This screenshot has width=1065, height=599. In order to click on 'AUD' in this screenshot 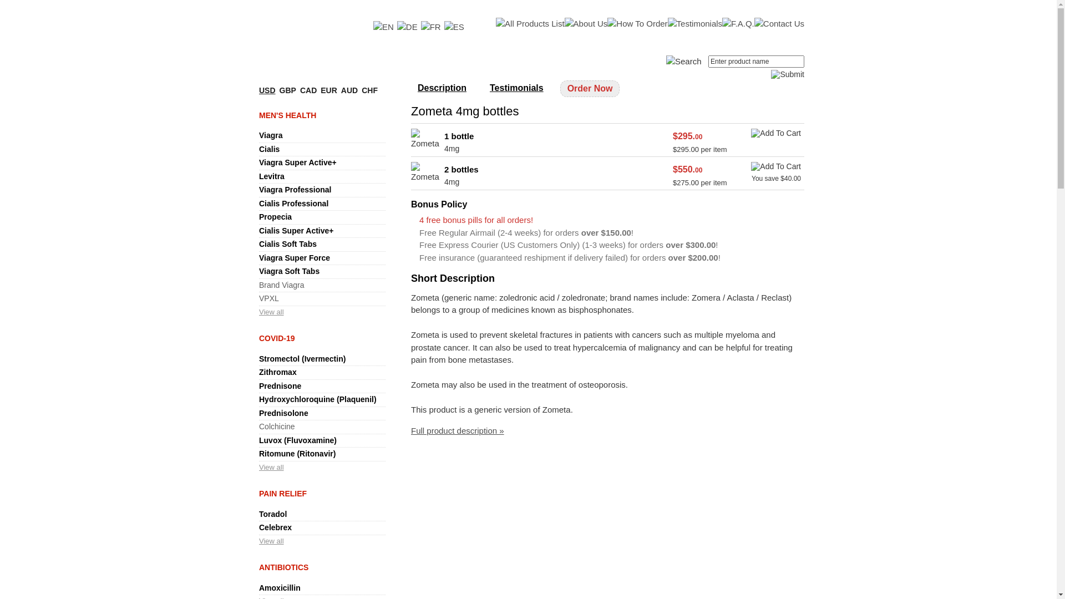, I will do `click(348, 89)`.